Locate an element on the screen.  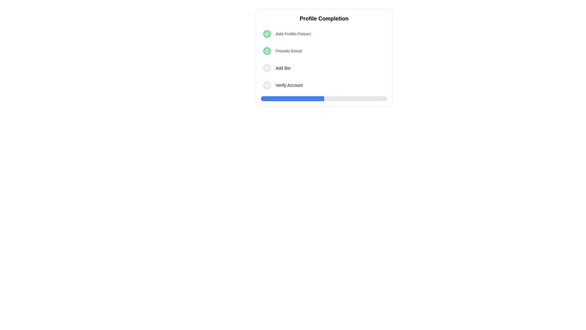
the filled portion of the progress bar located at the center bottom of the 'Profile Completion' interface card is located at coordinates (292, 98).